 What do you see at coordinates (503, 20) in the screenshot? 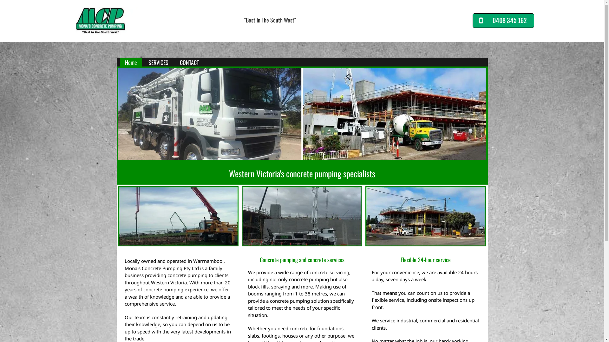
I see `'0408 345 162'` at bounding box center [503, 20].